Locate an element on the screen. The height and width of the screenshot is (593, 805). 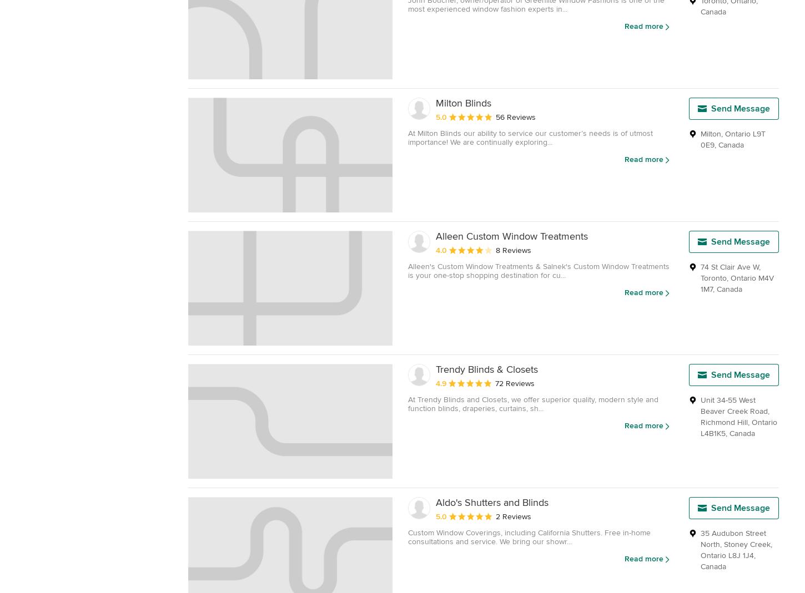
'56 Reviews' is located at coordinates (515, 116).